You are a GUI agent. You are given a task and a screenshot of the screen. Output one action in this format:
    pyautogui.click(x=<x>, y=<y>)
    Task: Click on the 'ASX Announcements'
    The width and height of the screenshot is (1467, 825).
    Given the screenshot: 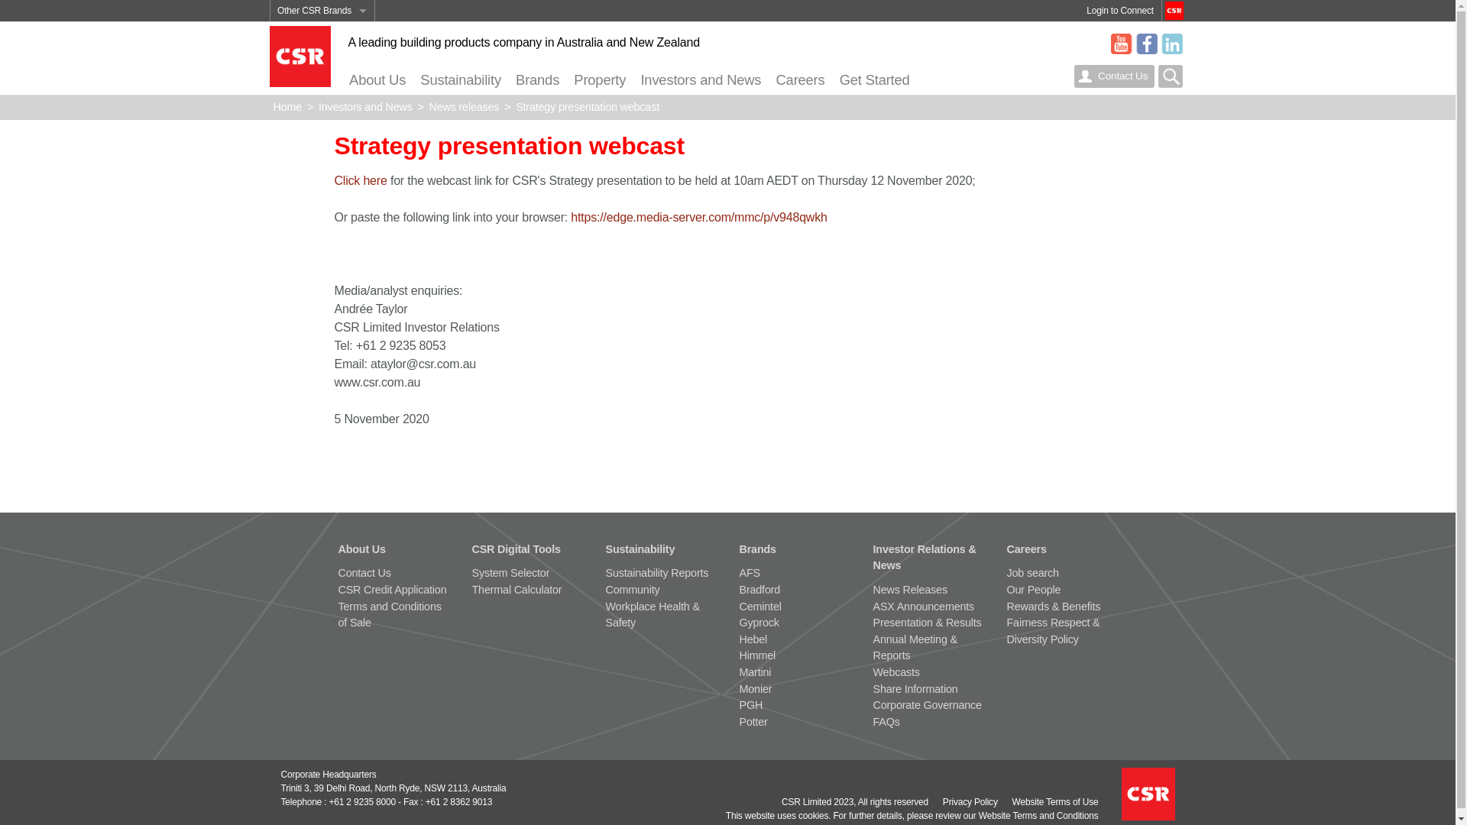 What is the action you would take?
    pyautogui.click(x=922, y=606)
    